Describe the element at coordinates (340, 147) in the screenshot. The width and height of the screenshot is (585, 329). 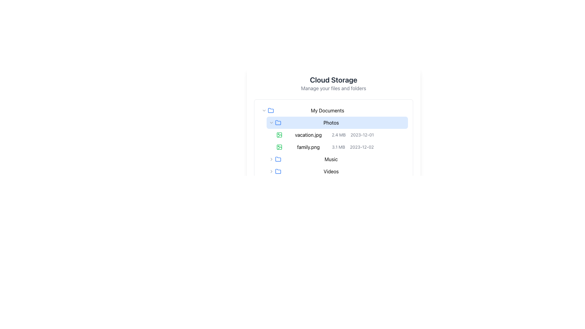
I see `the file row item for 'family.png' in the cloud storage interface` at that location.